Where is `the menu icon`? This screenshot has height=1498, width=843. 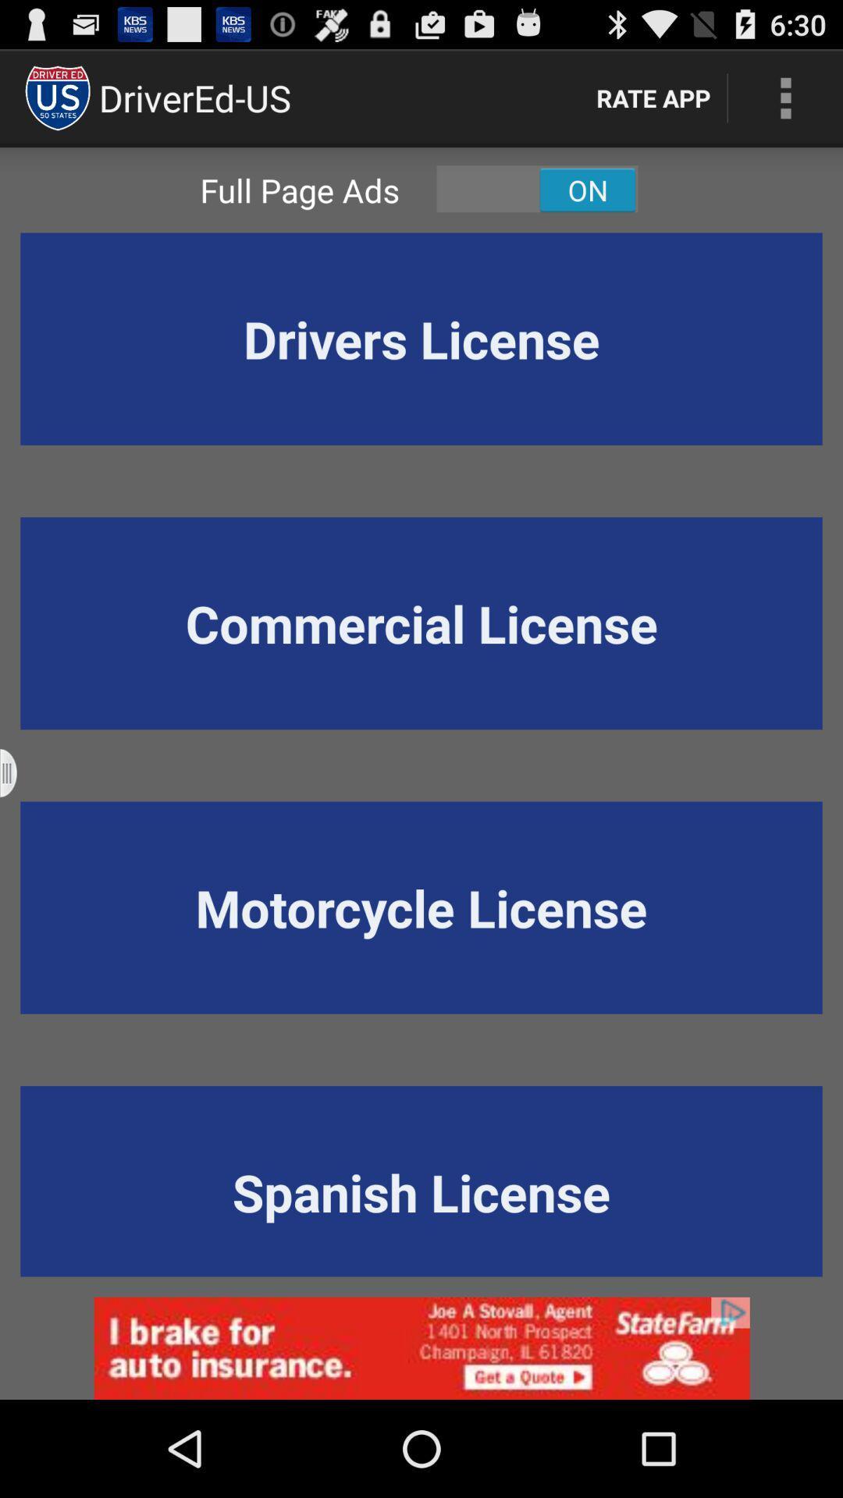
the menu icon is located at coordinates (18, 826).